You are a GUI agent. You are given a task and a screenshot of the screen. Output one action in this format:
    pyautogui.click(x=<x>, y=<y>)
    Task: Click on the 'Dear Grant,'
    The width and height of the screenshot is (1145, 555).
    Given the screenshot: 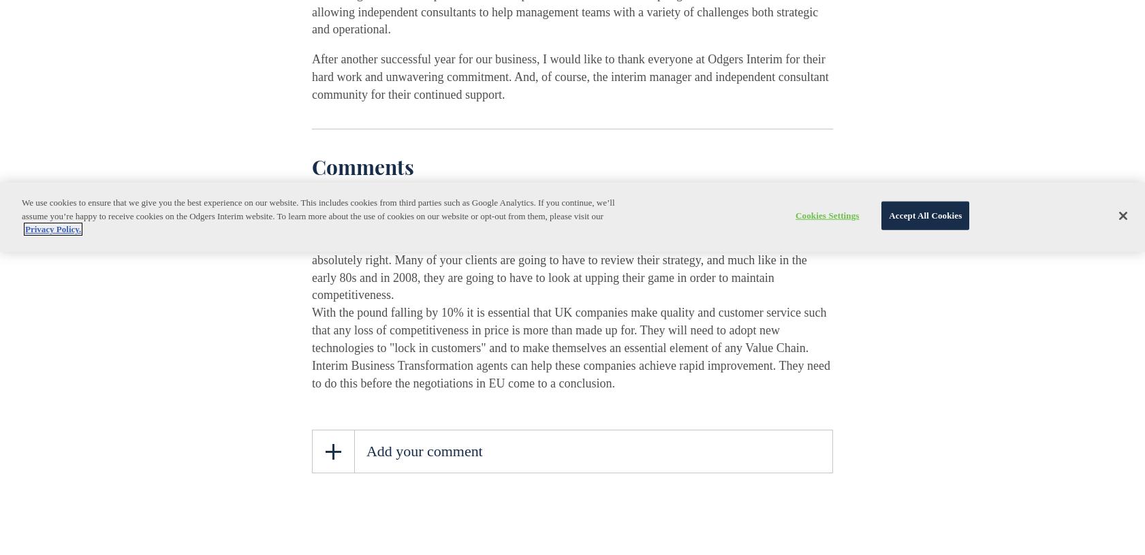 What is the action you would take?
    pyautogui.click(x=339, y=223)
    